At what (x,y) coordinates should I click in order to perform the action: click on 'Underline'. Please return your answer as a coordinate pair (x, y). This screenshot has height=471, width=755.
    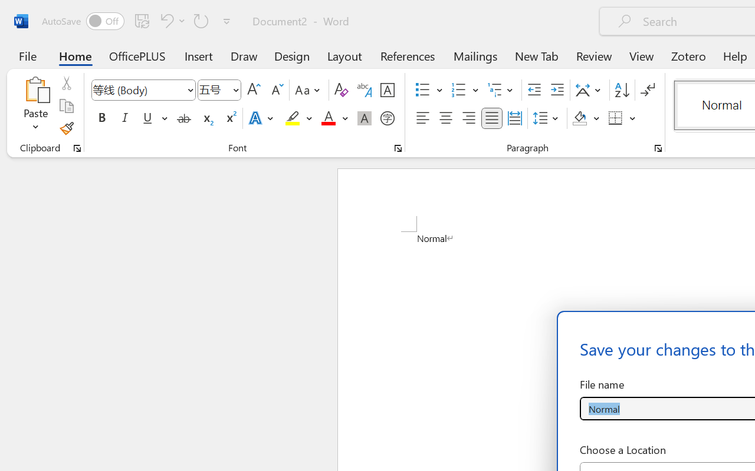
    Looking at the image, I should click on (153, 118).